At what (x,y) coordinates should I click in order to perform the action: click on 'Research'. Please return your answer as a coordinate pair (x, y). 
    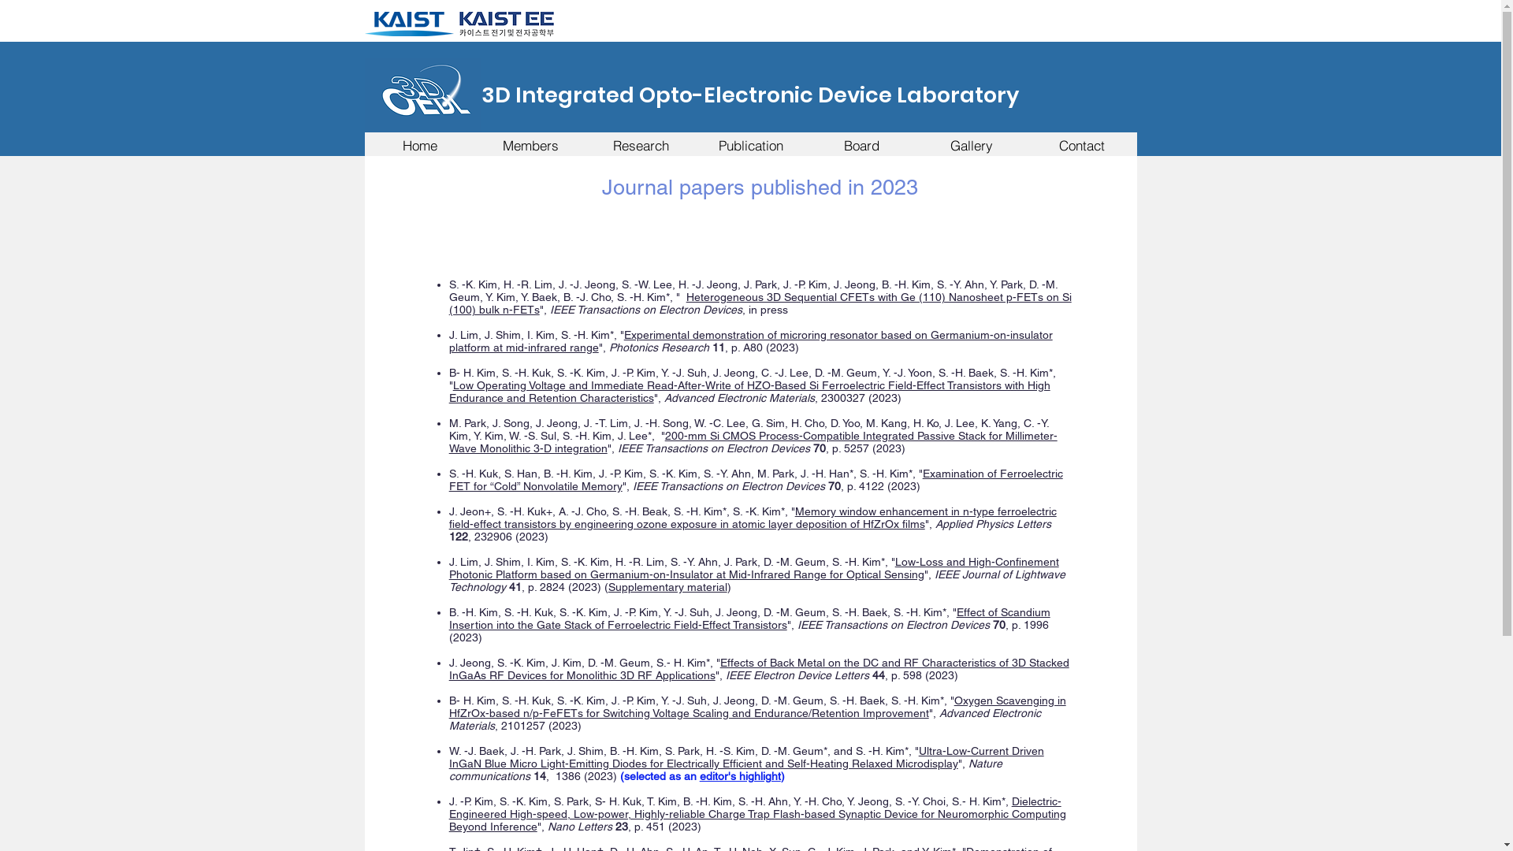
    Looking at the image, I should click on (639, 145).